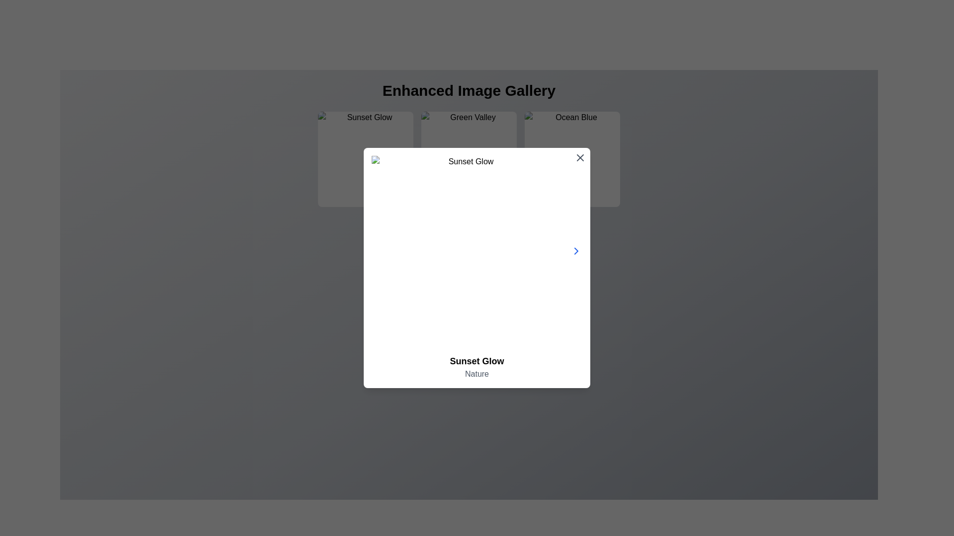  I want to click on the small cross-shaped icon button located at the top-right corner of a white modal window, so click(580, 157).